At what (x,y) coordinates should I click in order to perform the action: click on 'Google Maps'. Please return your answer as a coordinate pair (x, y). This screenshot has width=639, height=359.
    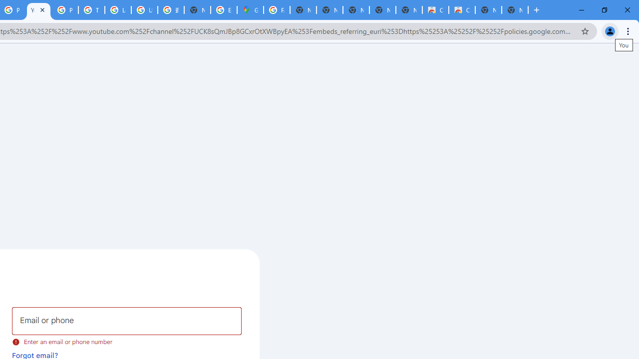
    Looking at the image, I should click on (250, 10).